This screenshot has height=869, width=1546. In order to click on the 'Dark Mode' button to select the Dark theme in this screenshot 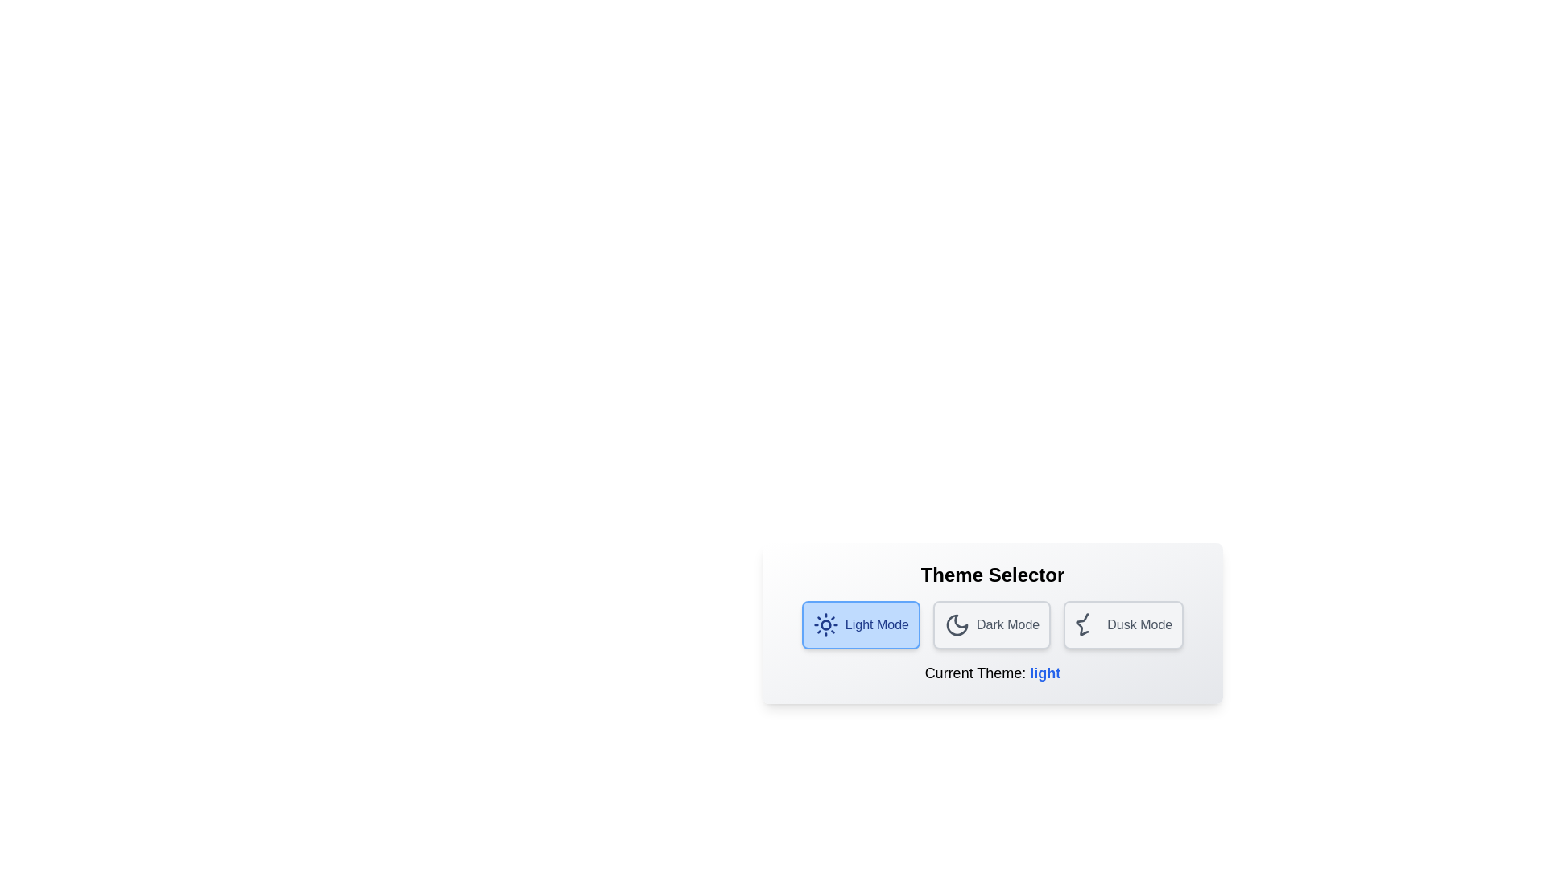, I will do `click(991, 624)`.